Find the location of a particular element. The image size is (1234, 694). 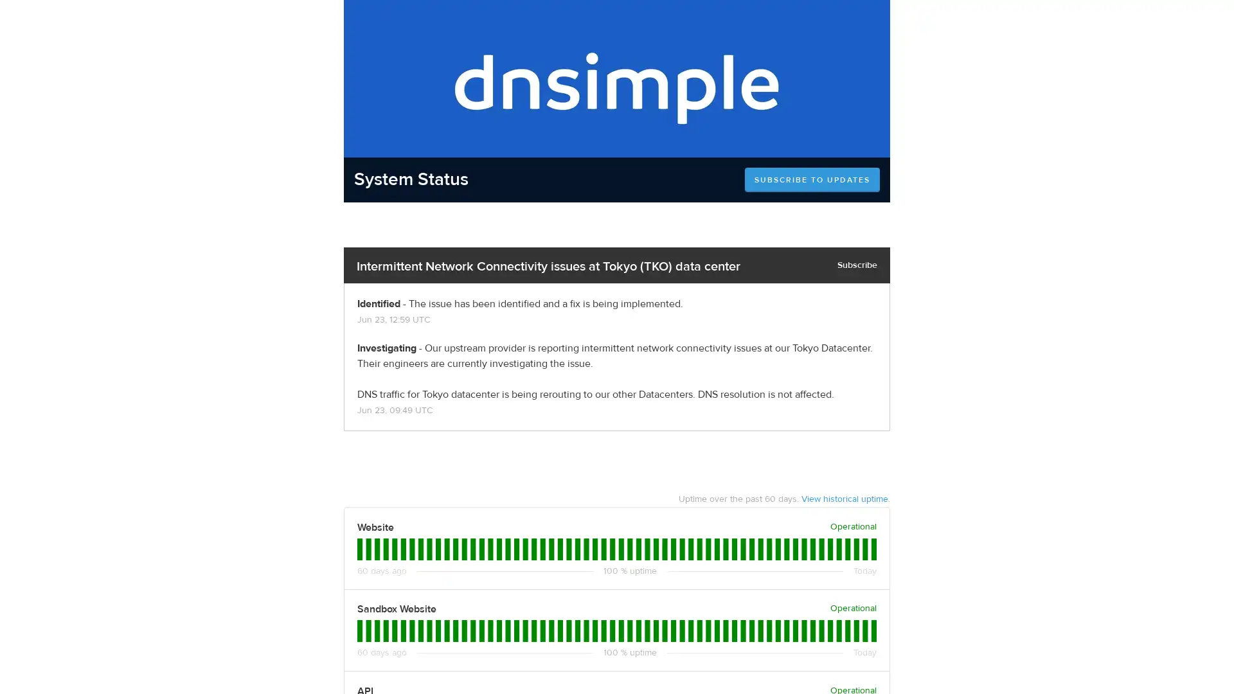

Subscribe is located at coordinates (857, 264).